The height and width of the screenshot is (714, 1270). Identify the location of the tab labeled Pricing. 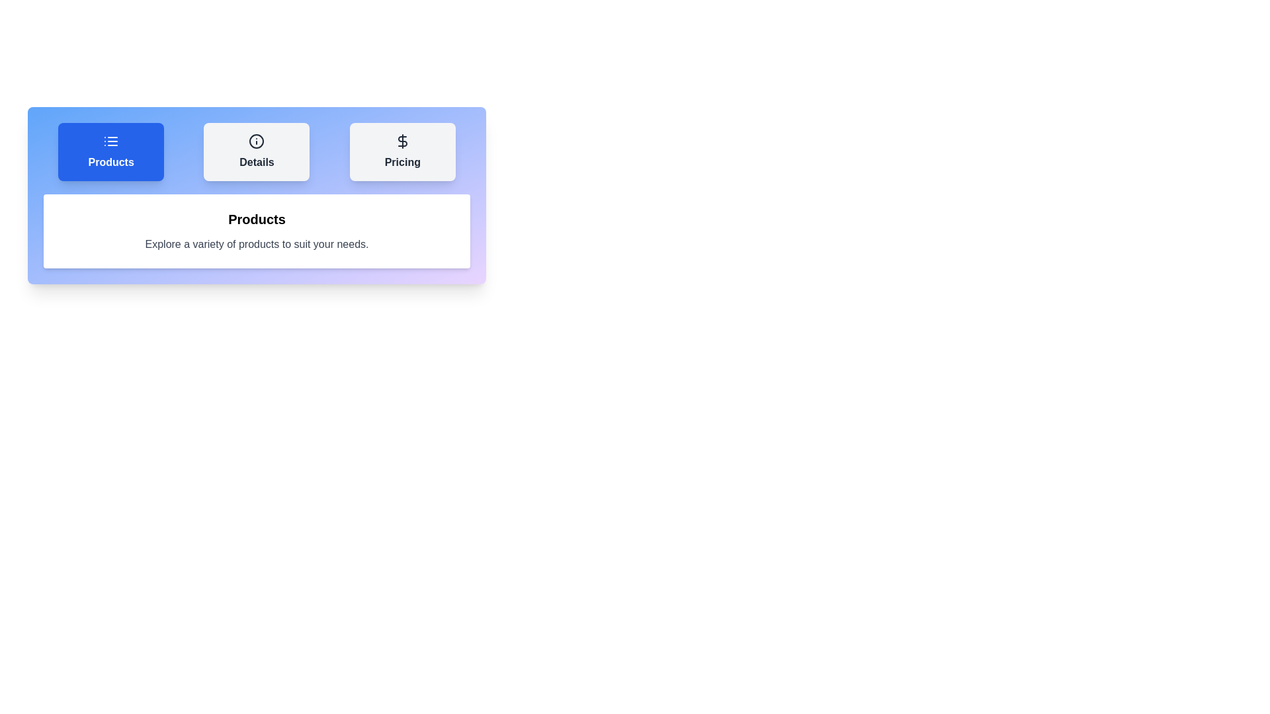
(402, 151).